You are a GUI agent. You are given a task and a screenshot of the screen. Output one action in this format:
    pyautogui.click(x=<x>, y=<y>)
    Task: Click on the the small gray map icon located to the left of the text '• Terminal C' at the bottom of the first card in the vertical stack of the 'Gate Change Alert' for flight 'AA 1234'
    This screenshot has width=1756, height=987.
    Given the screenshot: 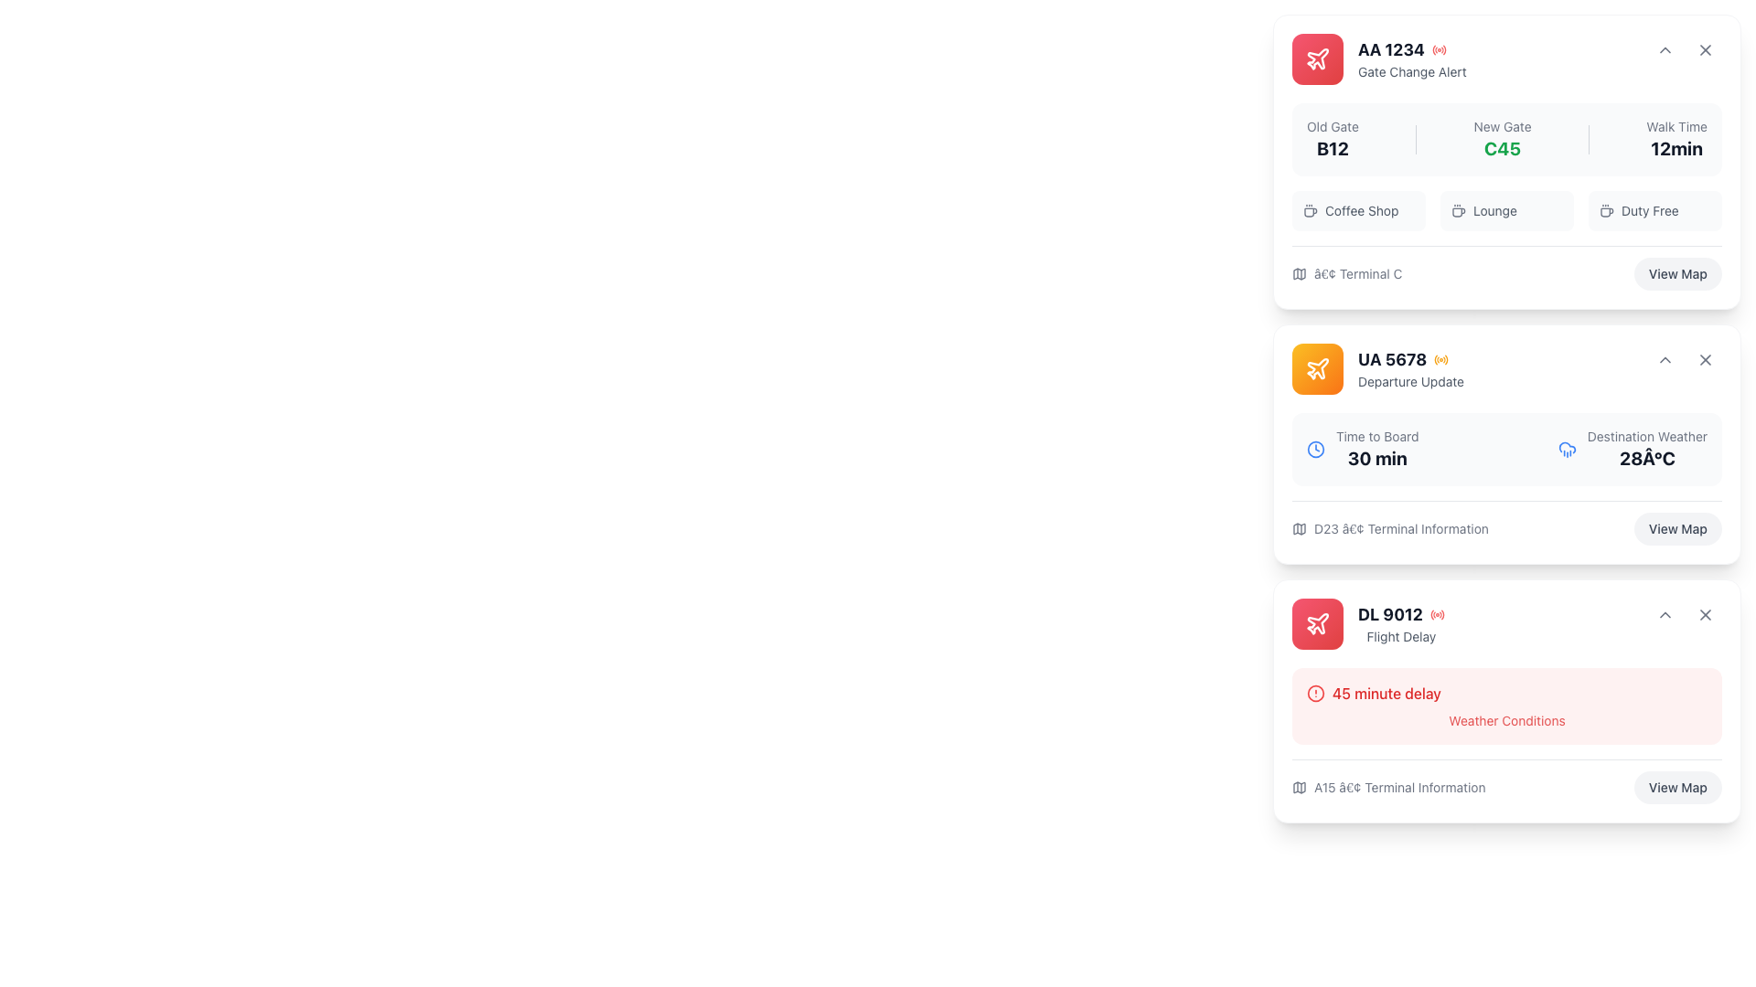 What is the action you would take?
    pyautogui.click(x=1298, y=274)
    